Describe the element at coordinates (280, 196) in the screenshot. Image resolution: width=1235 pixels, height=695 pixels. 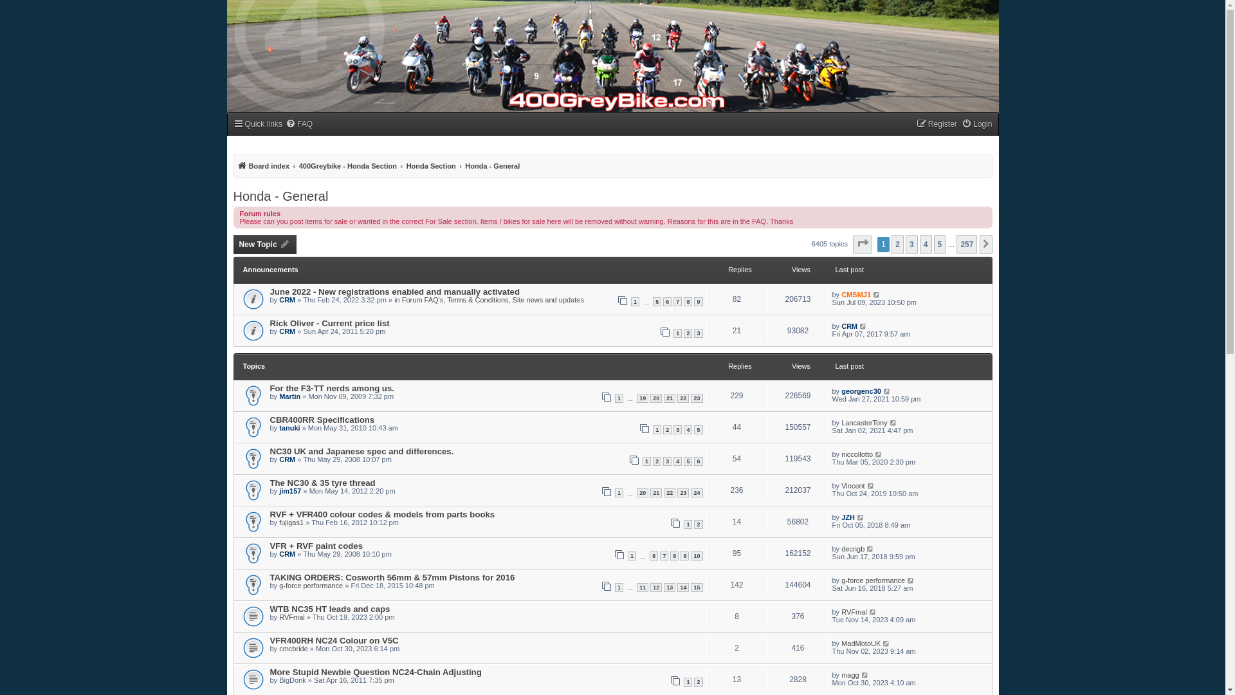
I see `'Honda - General'` at that location.